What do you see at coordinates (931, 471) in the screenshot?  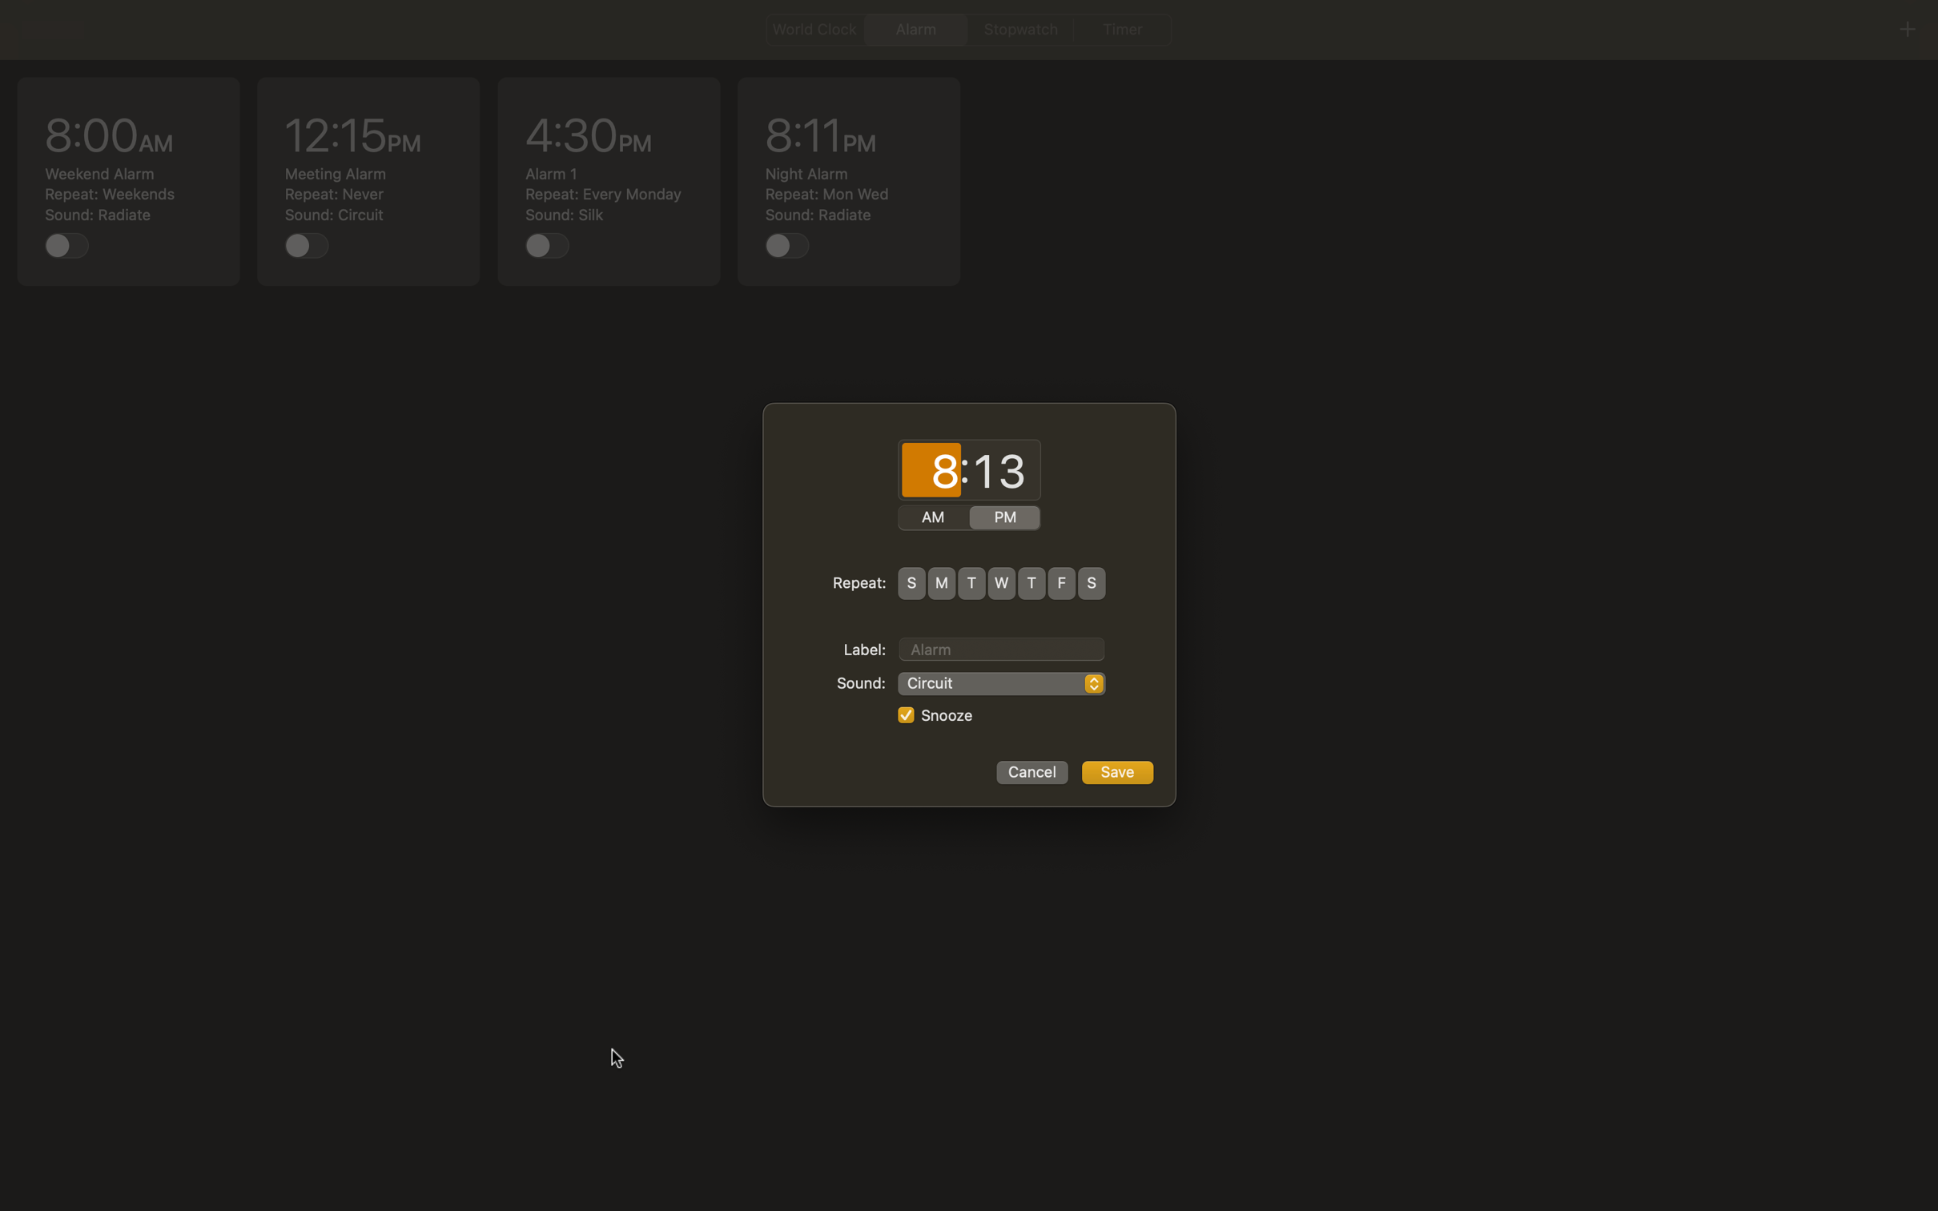 I see `Adjust the system"s clock to 07 hours and 45 minutes` at bounding box center [931, 471].